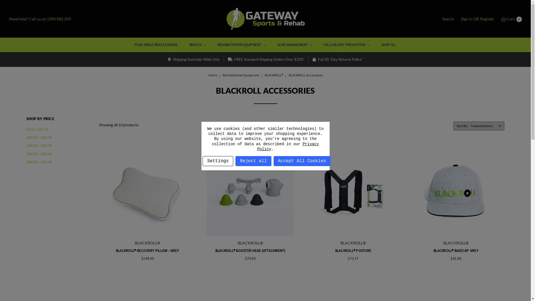 The width and height of the screenshot is (535, 301). I want to click on 'REHABILITATION EQUIPMENT', so click(242, 44).